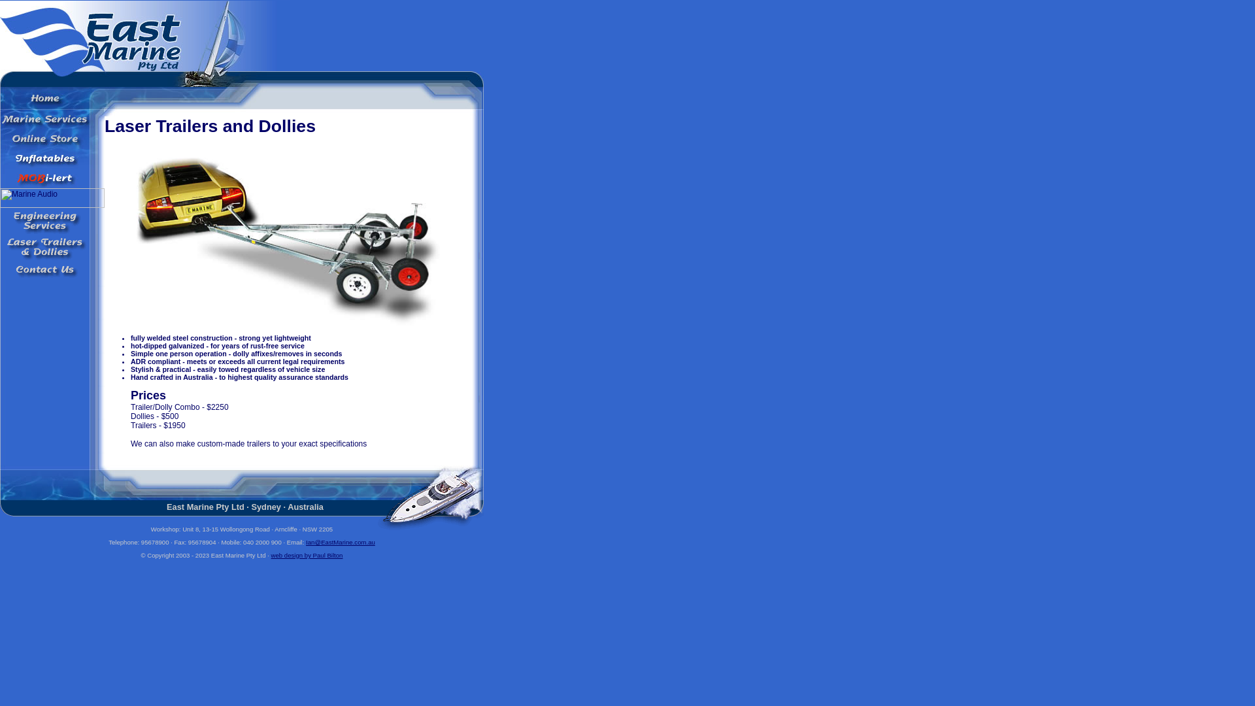 The width and height of the screenshot is (1255, 706). I want to click on 'Ian@EastMarine.com.au', so click(341, 542).